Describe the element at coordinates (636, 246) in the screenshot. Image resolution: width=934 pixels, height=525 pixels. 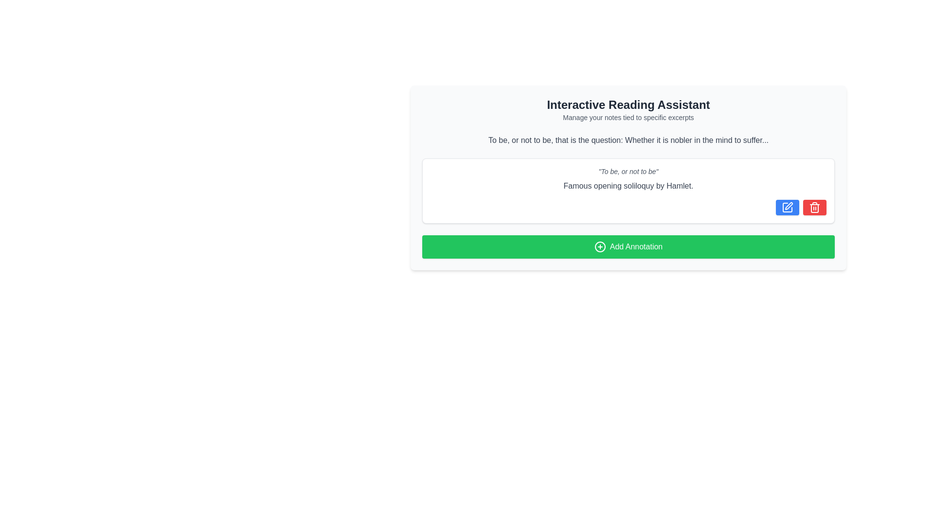
I see `the text label within the green button located centrally in the interface` at that location.